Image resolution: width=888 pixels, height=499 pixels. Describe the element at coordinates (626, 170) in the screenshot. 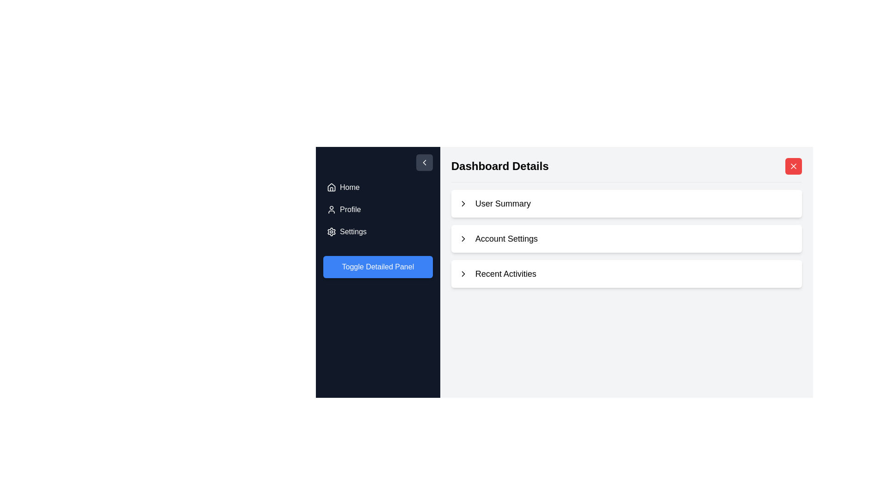

I see `the 'Dashboard Details' title bar at the top of the interface` at that location.